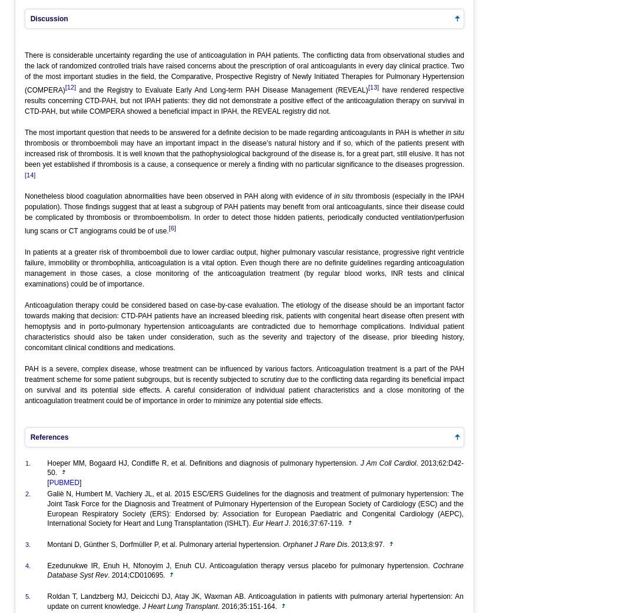 The width and height of the screenshot is (638, 613). I want to click on '5.', so click(28, 596).